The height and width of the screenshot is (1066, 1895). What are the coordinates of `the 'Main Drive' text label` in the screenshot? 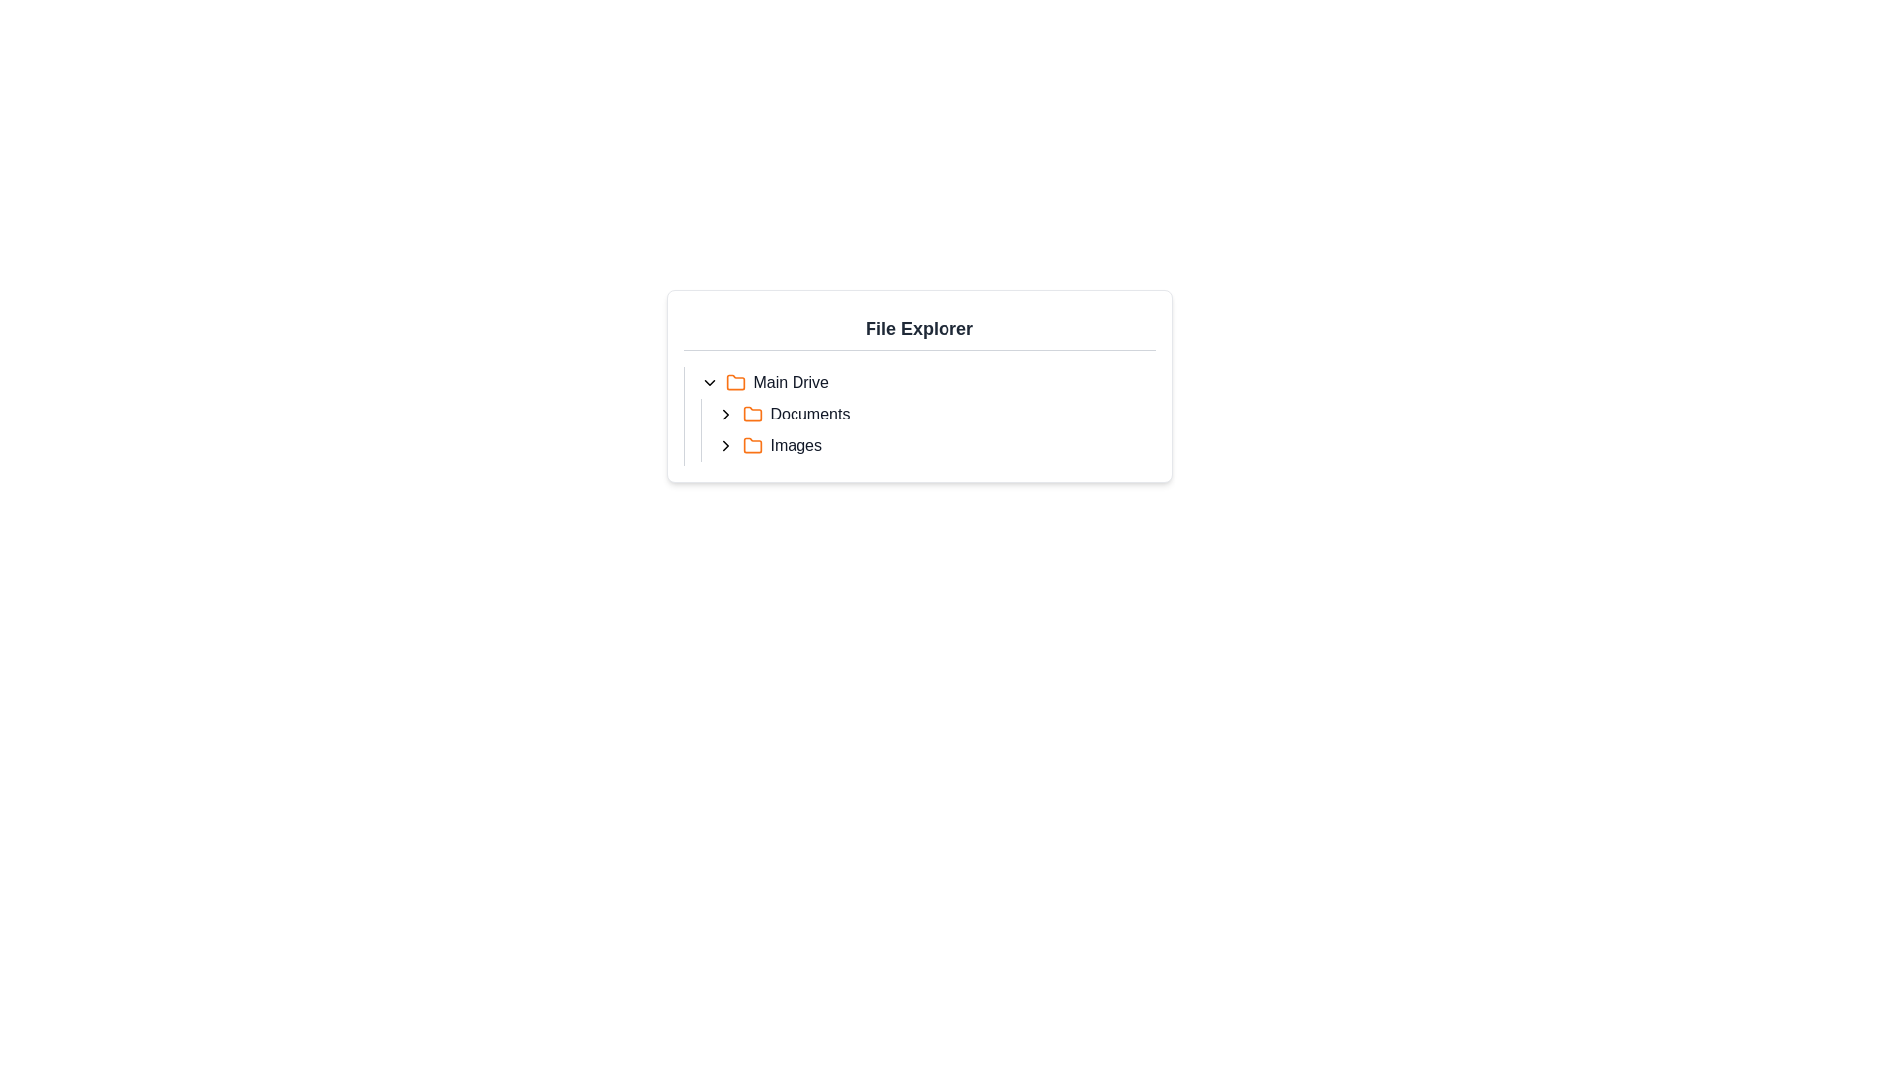 It's located at (791, 383).